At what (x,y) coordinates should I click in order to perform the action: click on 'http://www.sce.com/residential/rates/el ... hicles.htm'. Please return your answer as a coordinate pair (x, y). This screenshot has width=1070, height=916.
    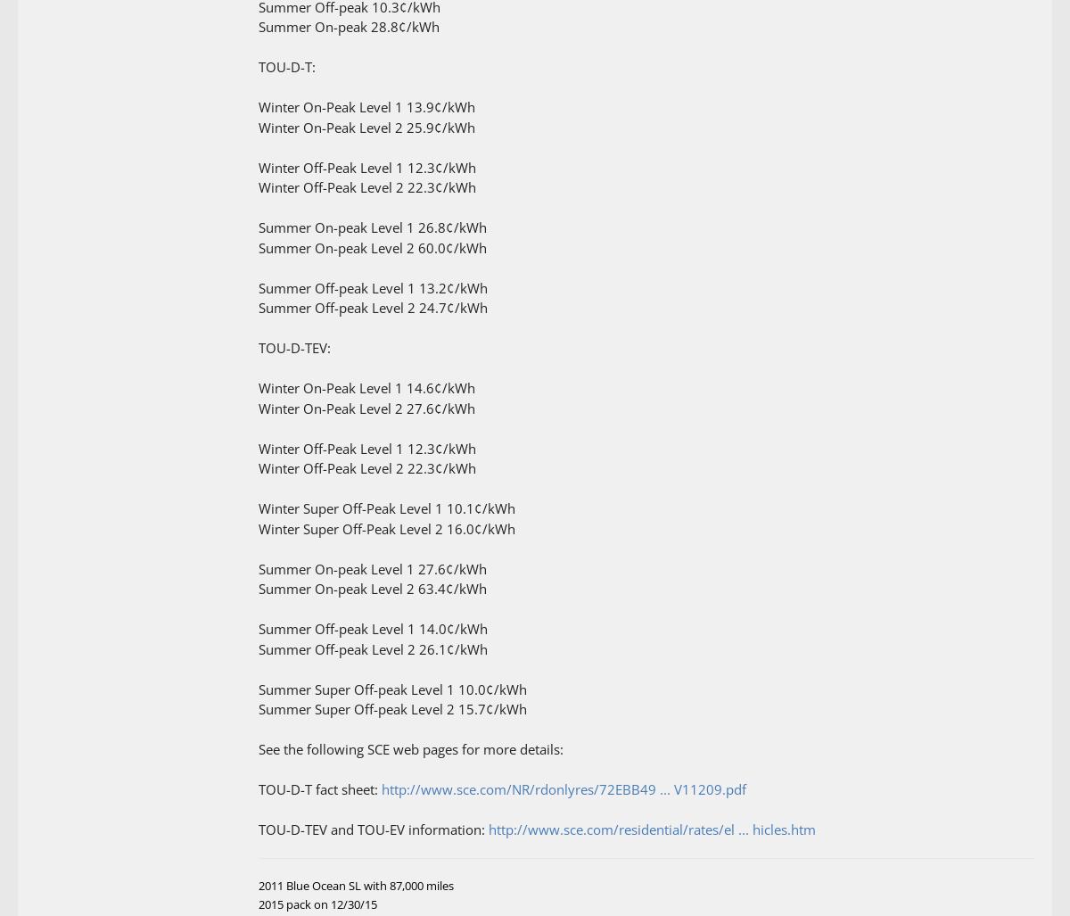
    Looking at the image, I should click on (652, 829).